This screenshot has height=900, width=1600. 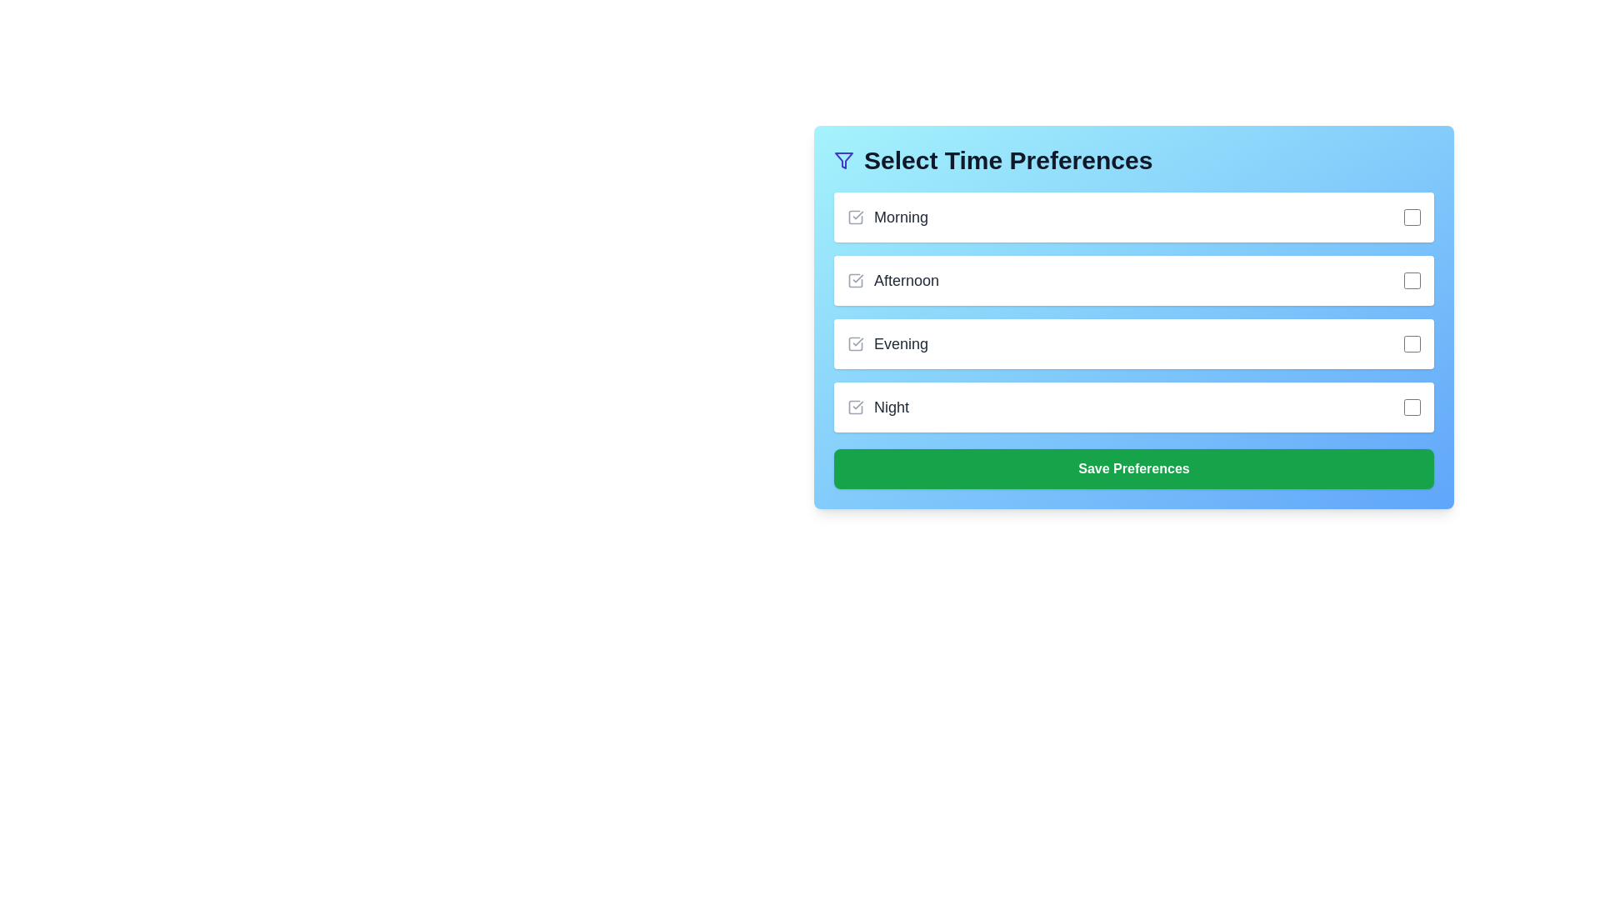 I want to click on the checkbox labeled 'Afternoon', so click(x=1133, y=279).